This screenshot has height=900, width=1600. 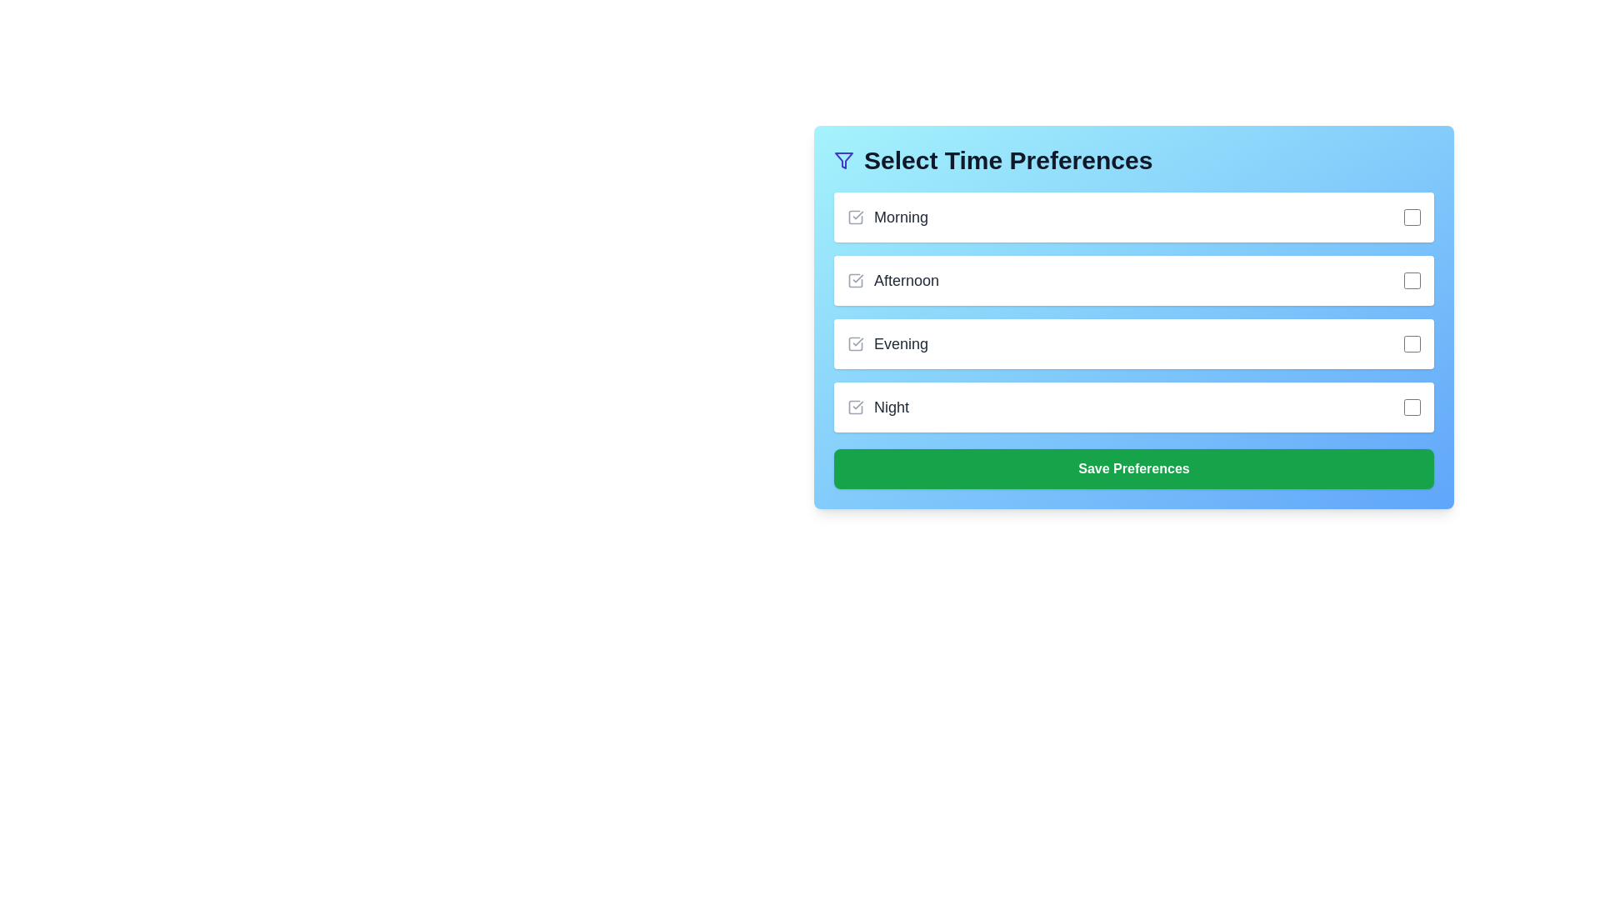 I want to click on the checkbox labeled 'Afternoon', so click(x=1133, y=279).